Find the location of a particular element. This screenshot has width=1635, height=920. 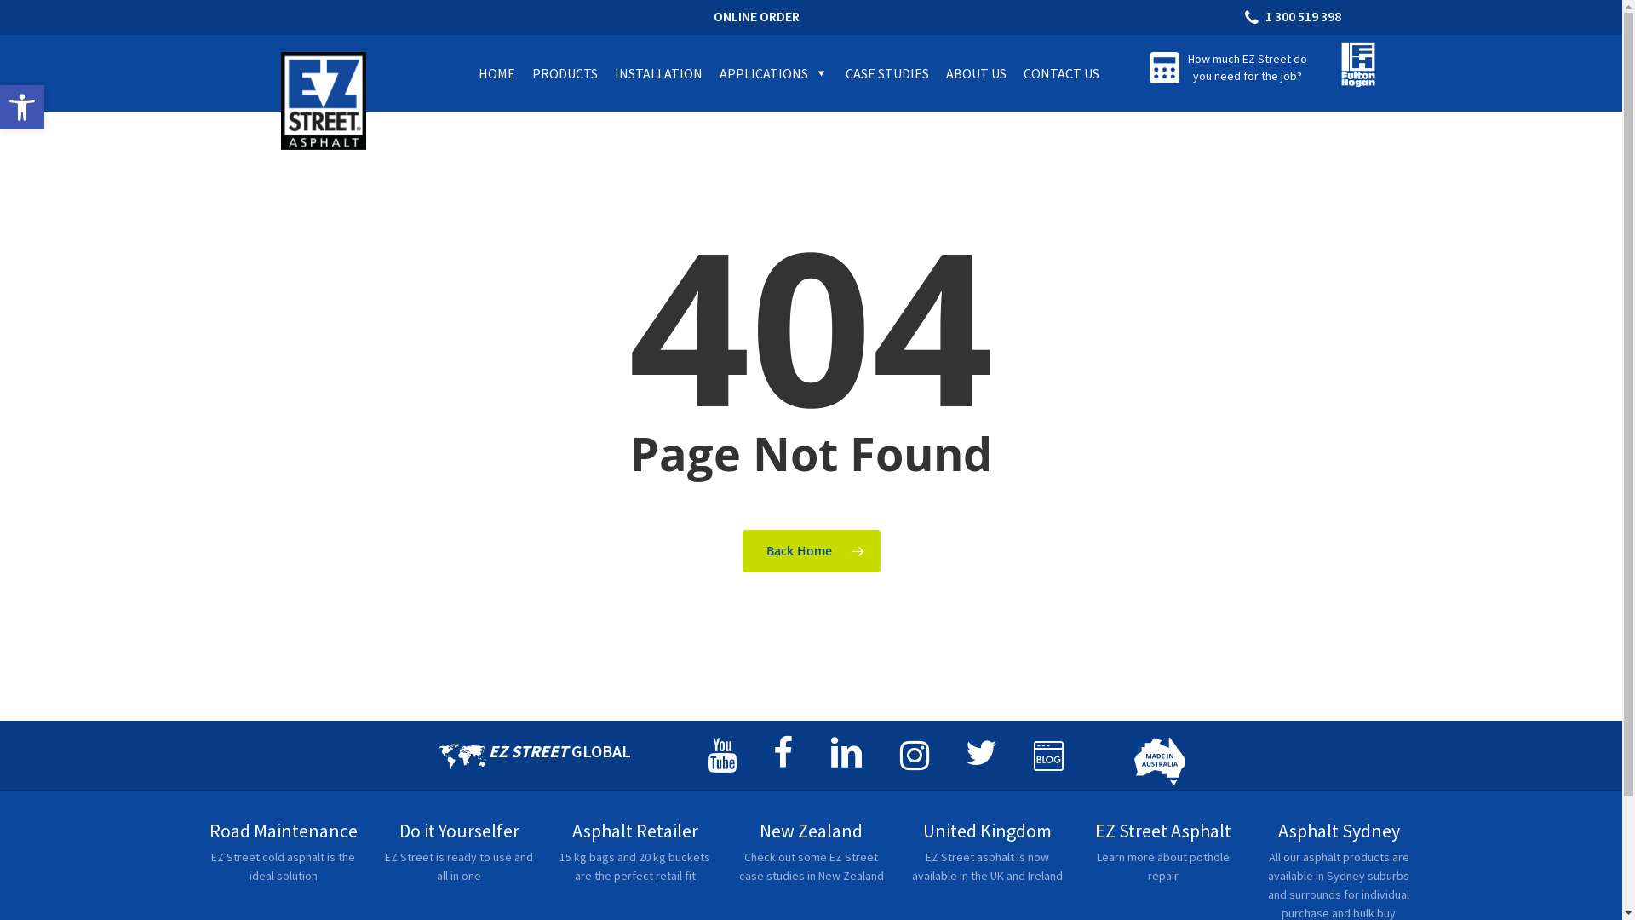

'CASE STUDIES' is located at coordinates (886, 72).